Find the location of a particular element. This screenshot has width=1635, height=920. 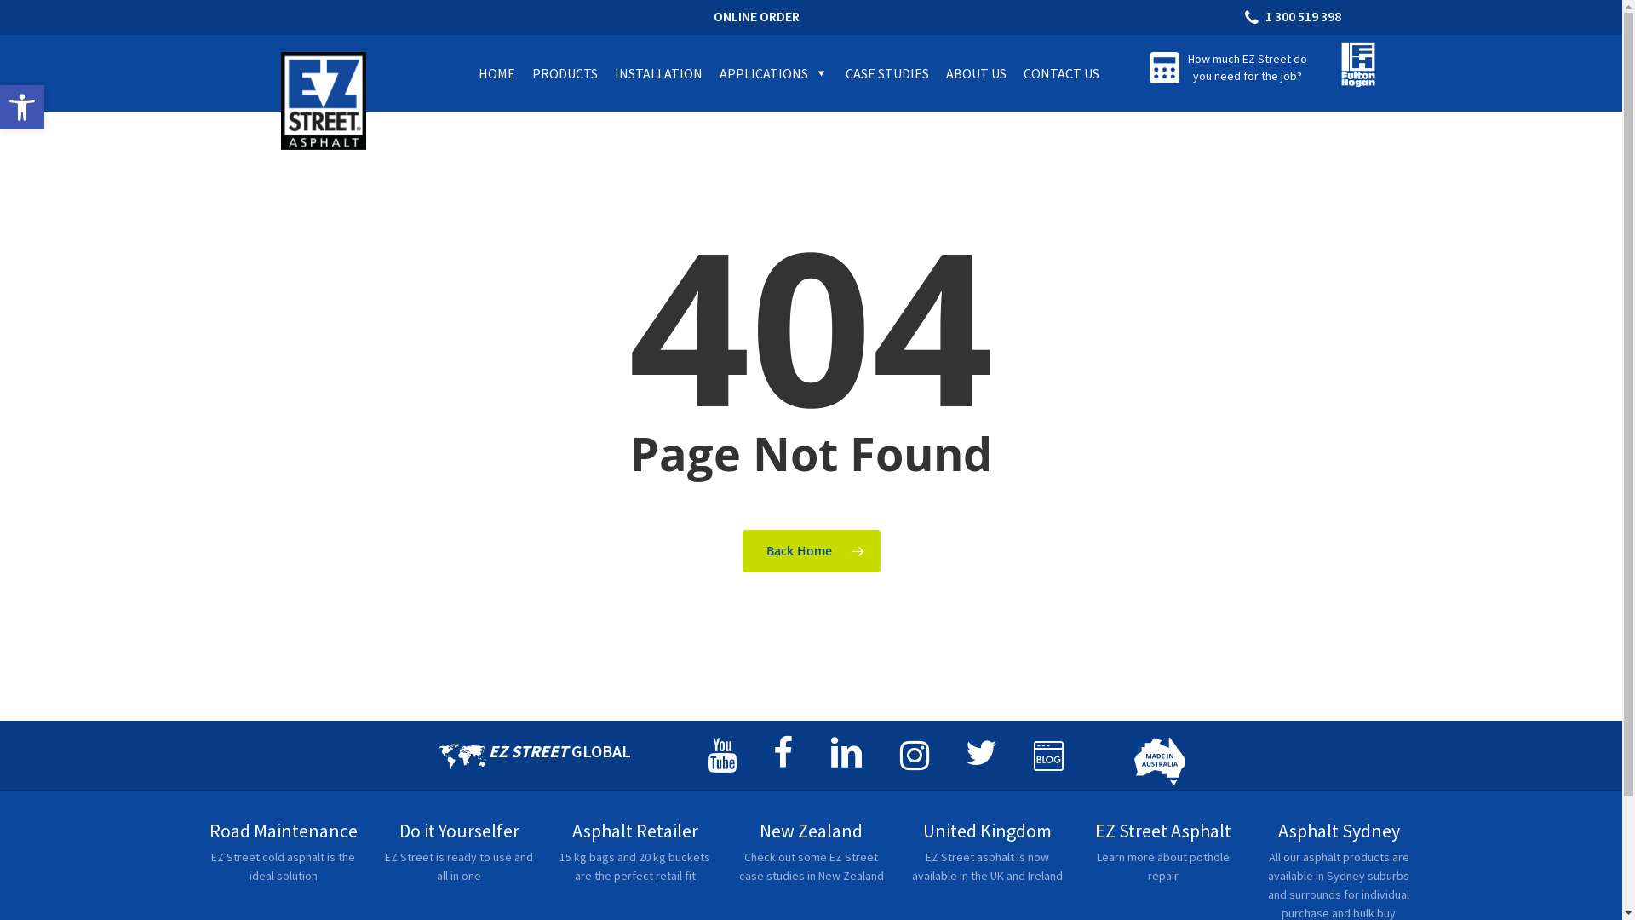

'CASE STUDIES' is located at coordinates (886, 72).